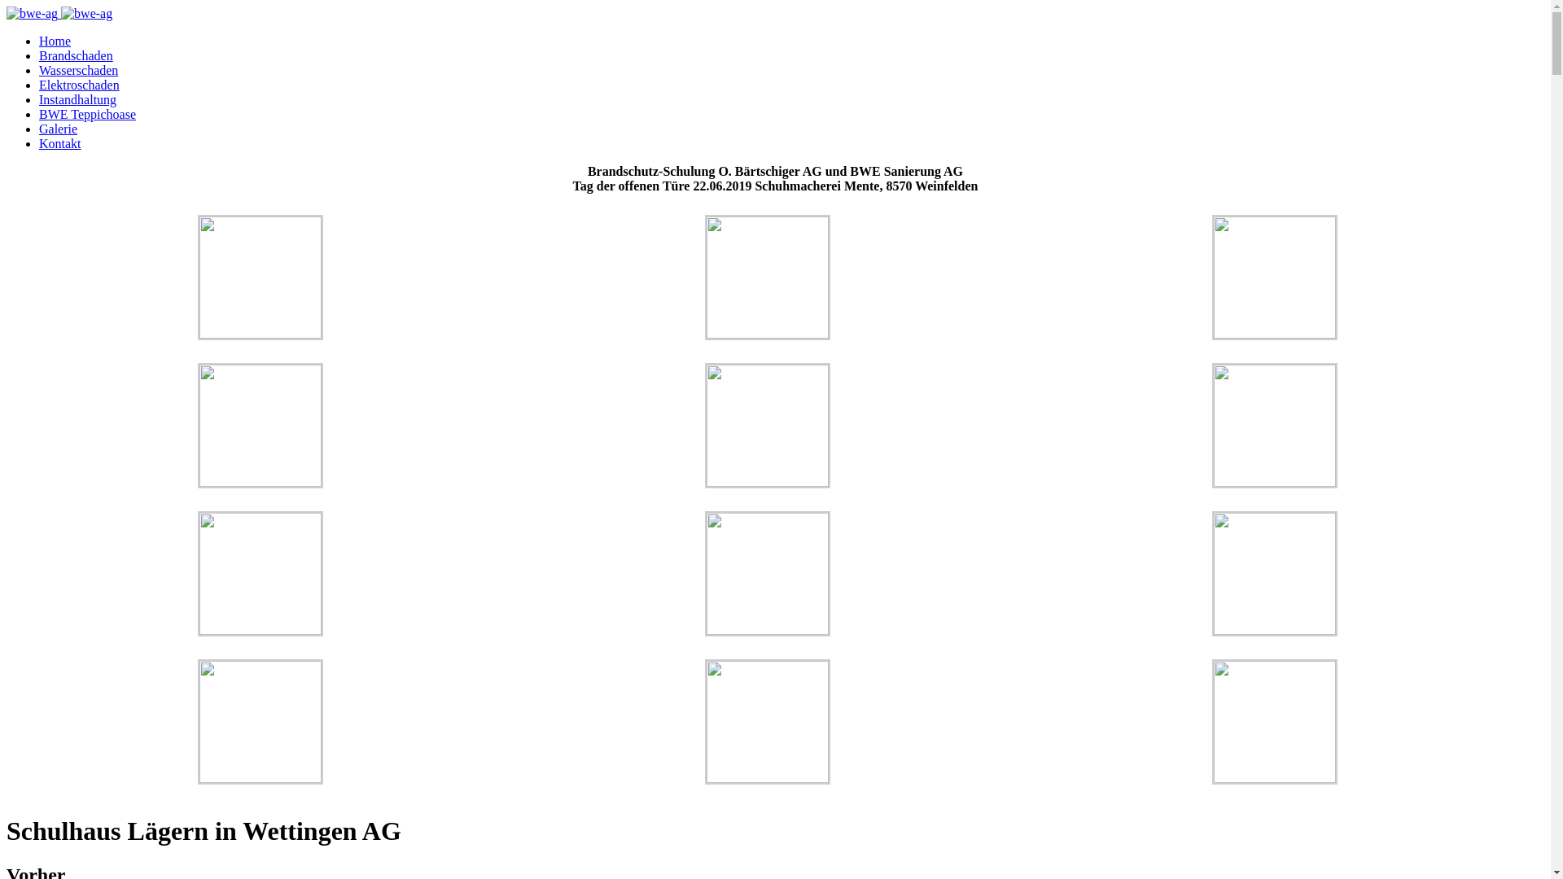  Describe the element at coordinates (78, 85) in the screenshot. I see `'Elektroschaden'` at that location.